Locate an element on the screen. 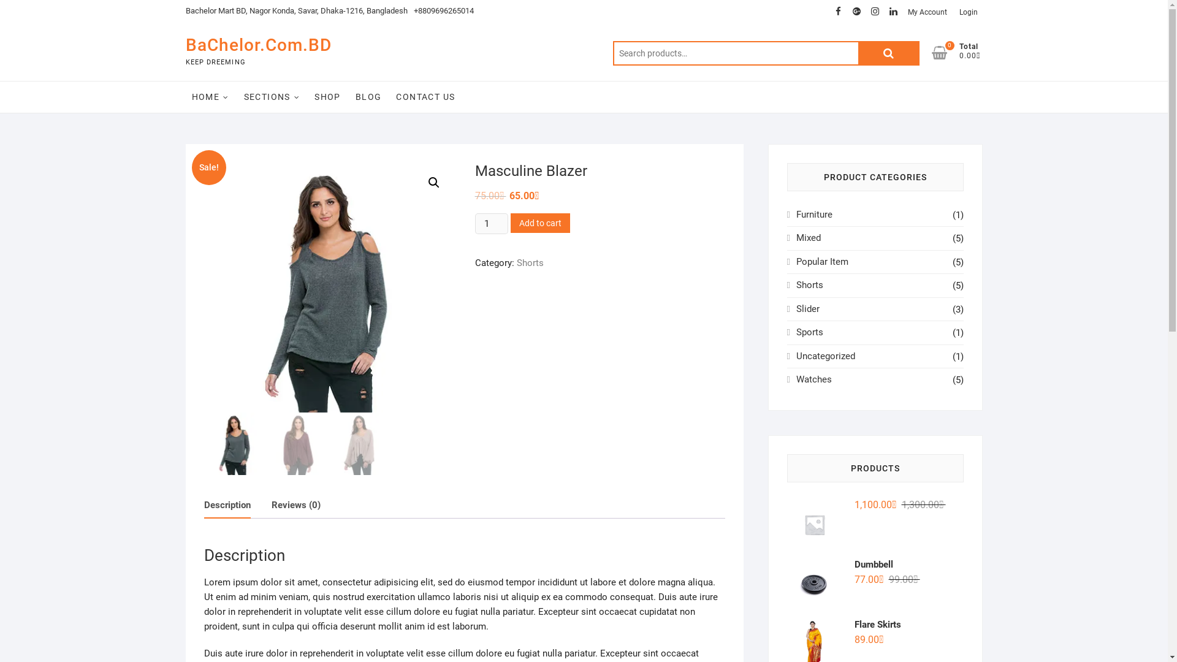 The width and height of the screenshot is (1177, 662). '+8809696265014' is located at coordinates (443, 11).